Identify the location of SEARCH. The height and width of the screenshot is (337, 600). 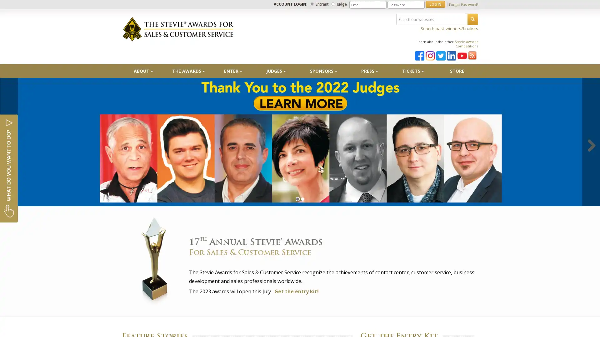
(472, 19).